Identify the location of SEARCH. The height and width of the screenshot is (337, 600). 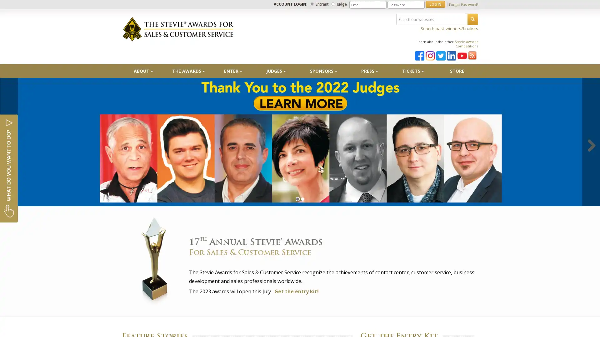
(472, 19).